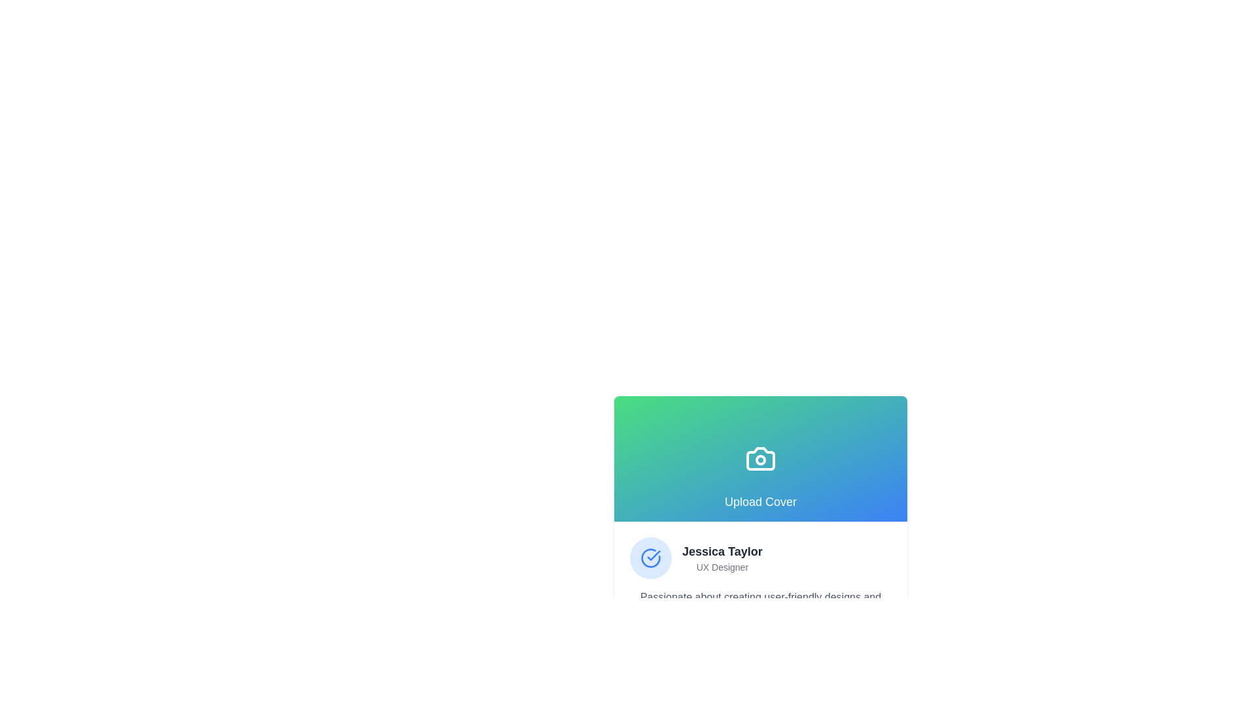 The height and width of the screenshot is (706, 1256). Describe the element at coordinates (654, 555) in the screenshot. I see `the checkmark icon that signifies a verification or confirmation status, located within the circular profile icon adjacent to the user's name 'Jessica Taylor'` at that location.